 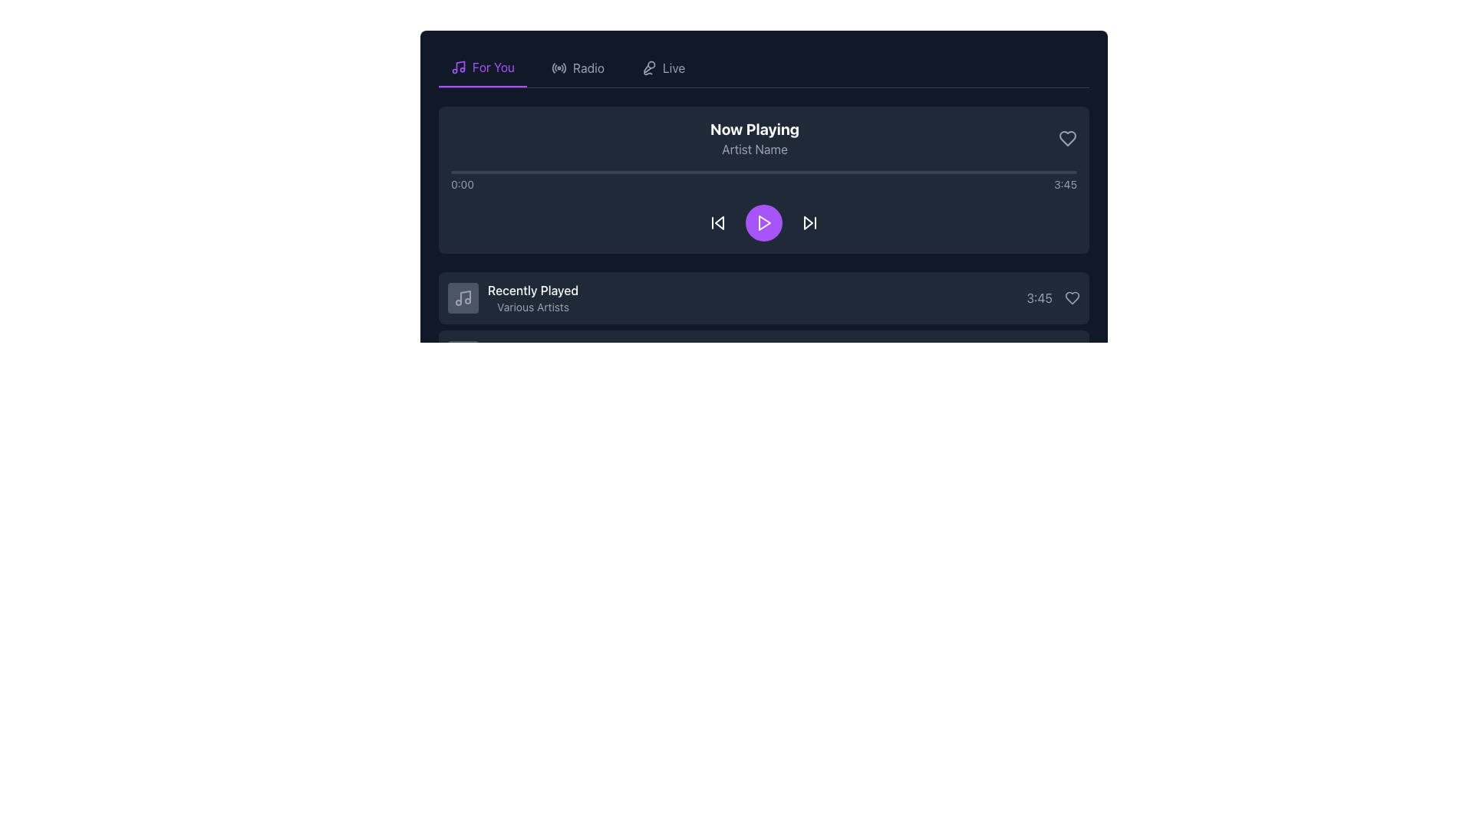 What do you see at coordinates (559, 67) in the screenshot?
I see `the radio wave transmission icon located in the navigation bar, positioned between the 'For You' tab and the 'Live' tab` at bounding box center [559, 67].